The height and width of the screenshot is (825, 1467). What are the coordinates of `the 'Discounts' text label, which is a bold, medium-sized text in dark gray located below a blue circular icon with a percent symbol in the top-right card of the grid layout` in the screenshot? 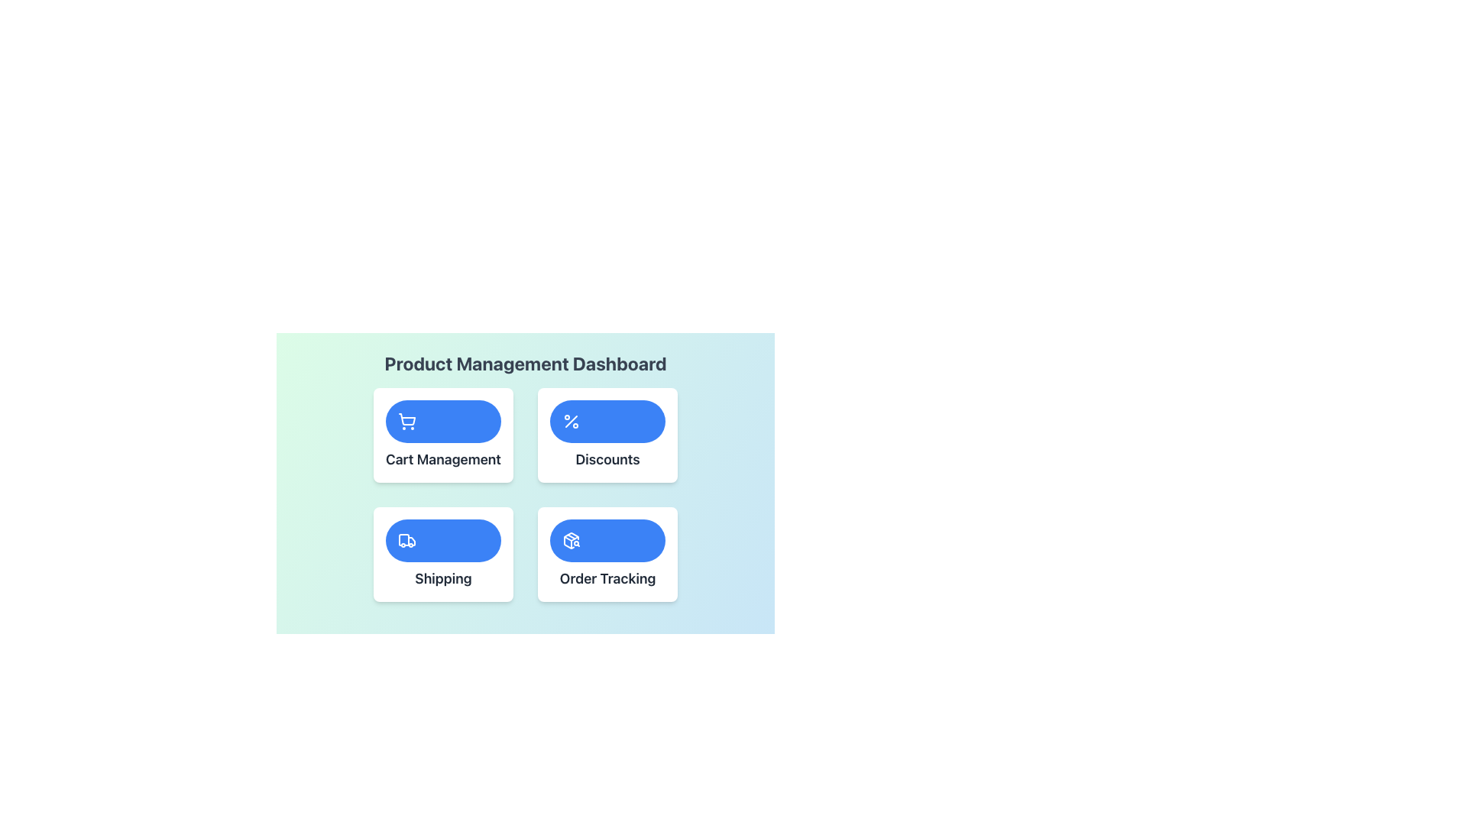 It's located at (607, 458).